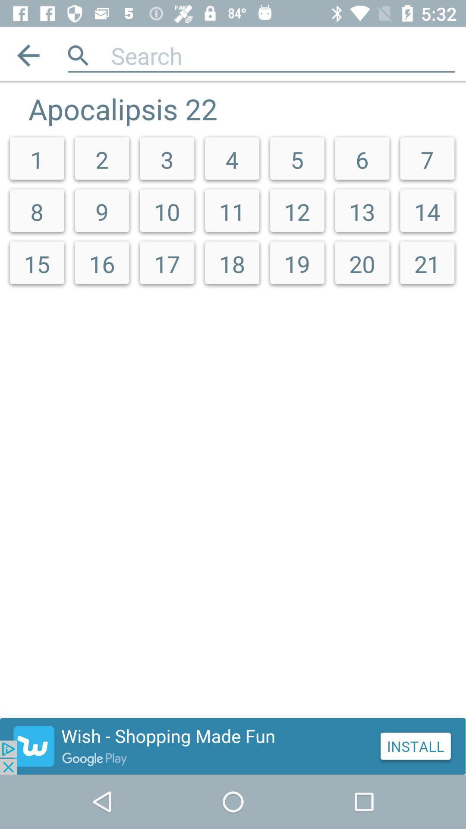  Describe the element at coordinates (233, 746) in the screenshot. I see `click the advertisement at bottom` at that location.